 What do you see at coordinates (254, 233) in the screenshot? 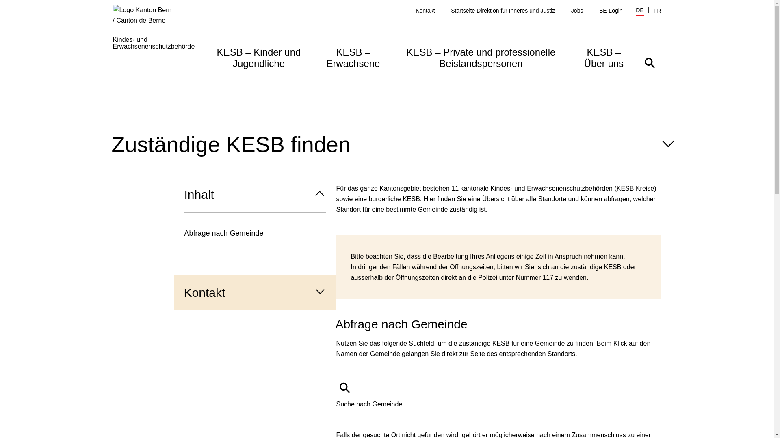
I see `'Abfrage nach Gemeinde'` at bounding box center [254, 233].